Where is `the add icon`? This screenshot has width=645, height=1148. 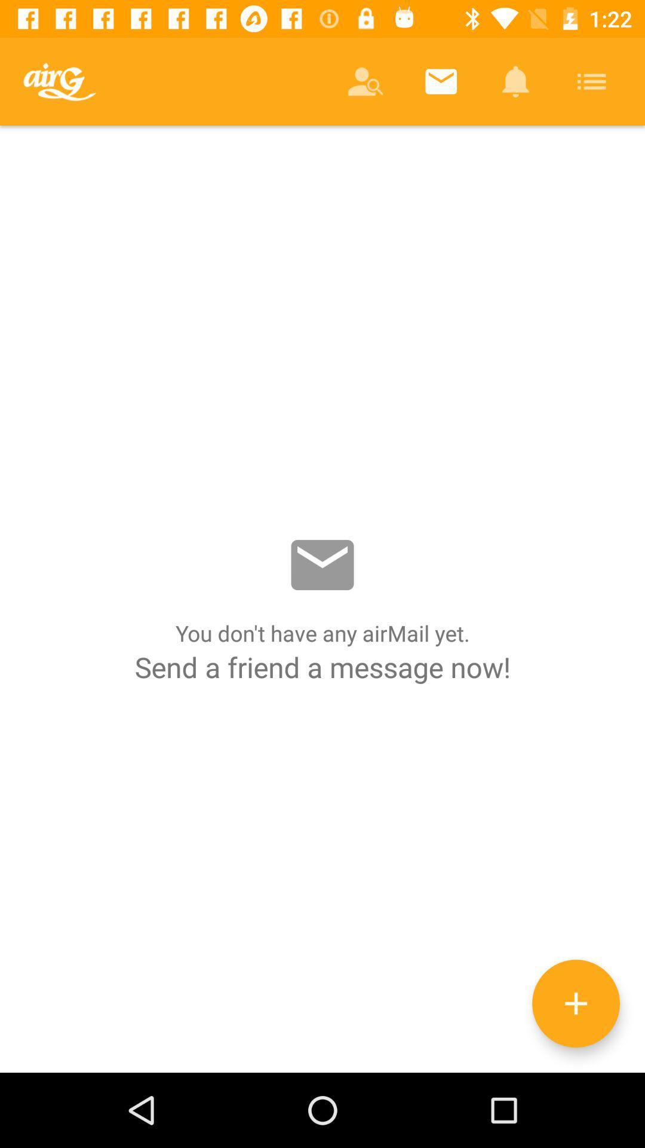 the add icon is located at coordinates (575, 1003).